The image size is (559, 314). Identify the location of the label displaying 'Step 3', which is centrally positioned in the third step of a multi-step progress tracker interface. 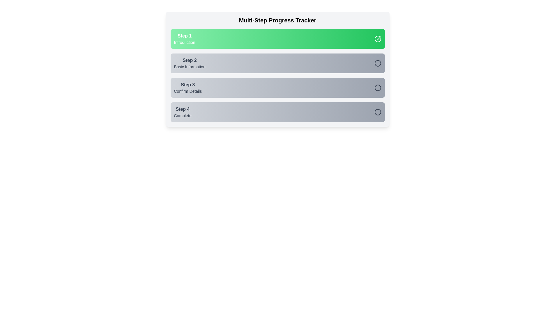
(188, 85).